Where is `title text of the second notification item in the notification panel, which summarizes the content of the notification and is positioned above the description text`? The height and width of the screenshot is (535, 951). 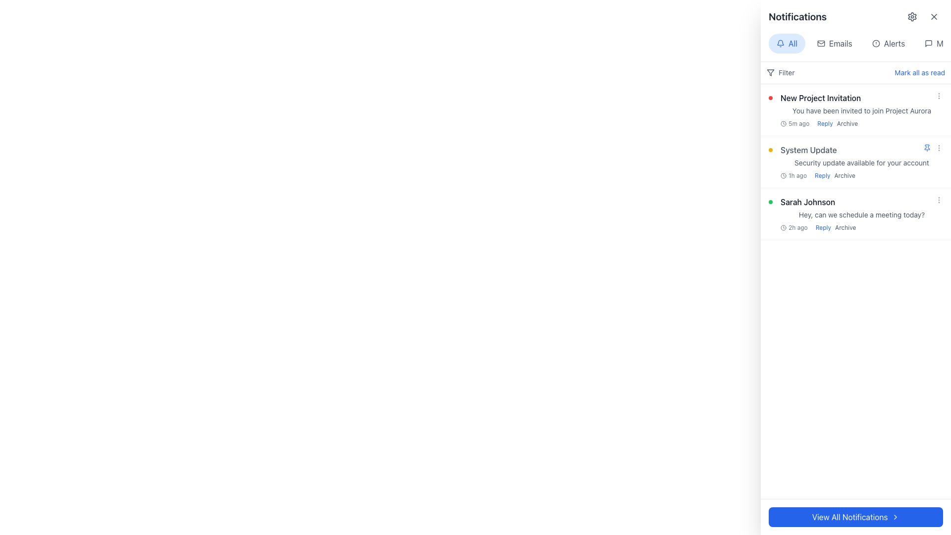 title text of the second notification item in the notification panel, which summarizes the content of the notification and is positioned above the description text is located at coordinates (808, 150).